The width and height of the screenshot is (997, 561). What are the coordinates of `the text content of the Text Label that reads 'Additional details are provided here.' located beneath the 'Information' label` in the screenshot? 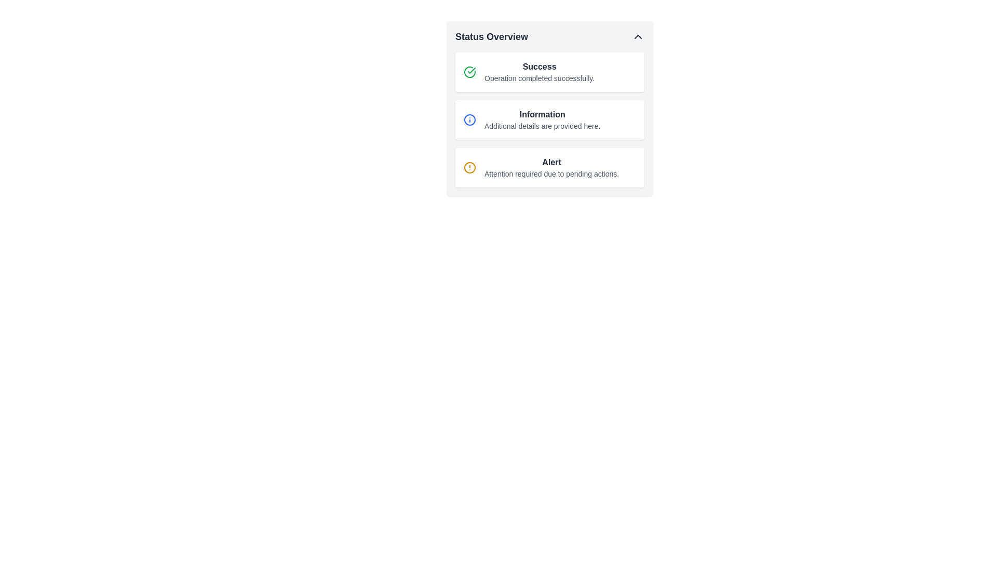 It's located at (542, 126).